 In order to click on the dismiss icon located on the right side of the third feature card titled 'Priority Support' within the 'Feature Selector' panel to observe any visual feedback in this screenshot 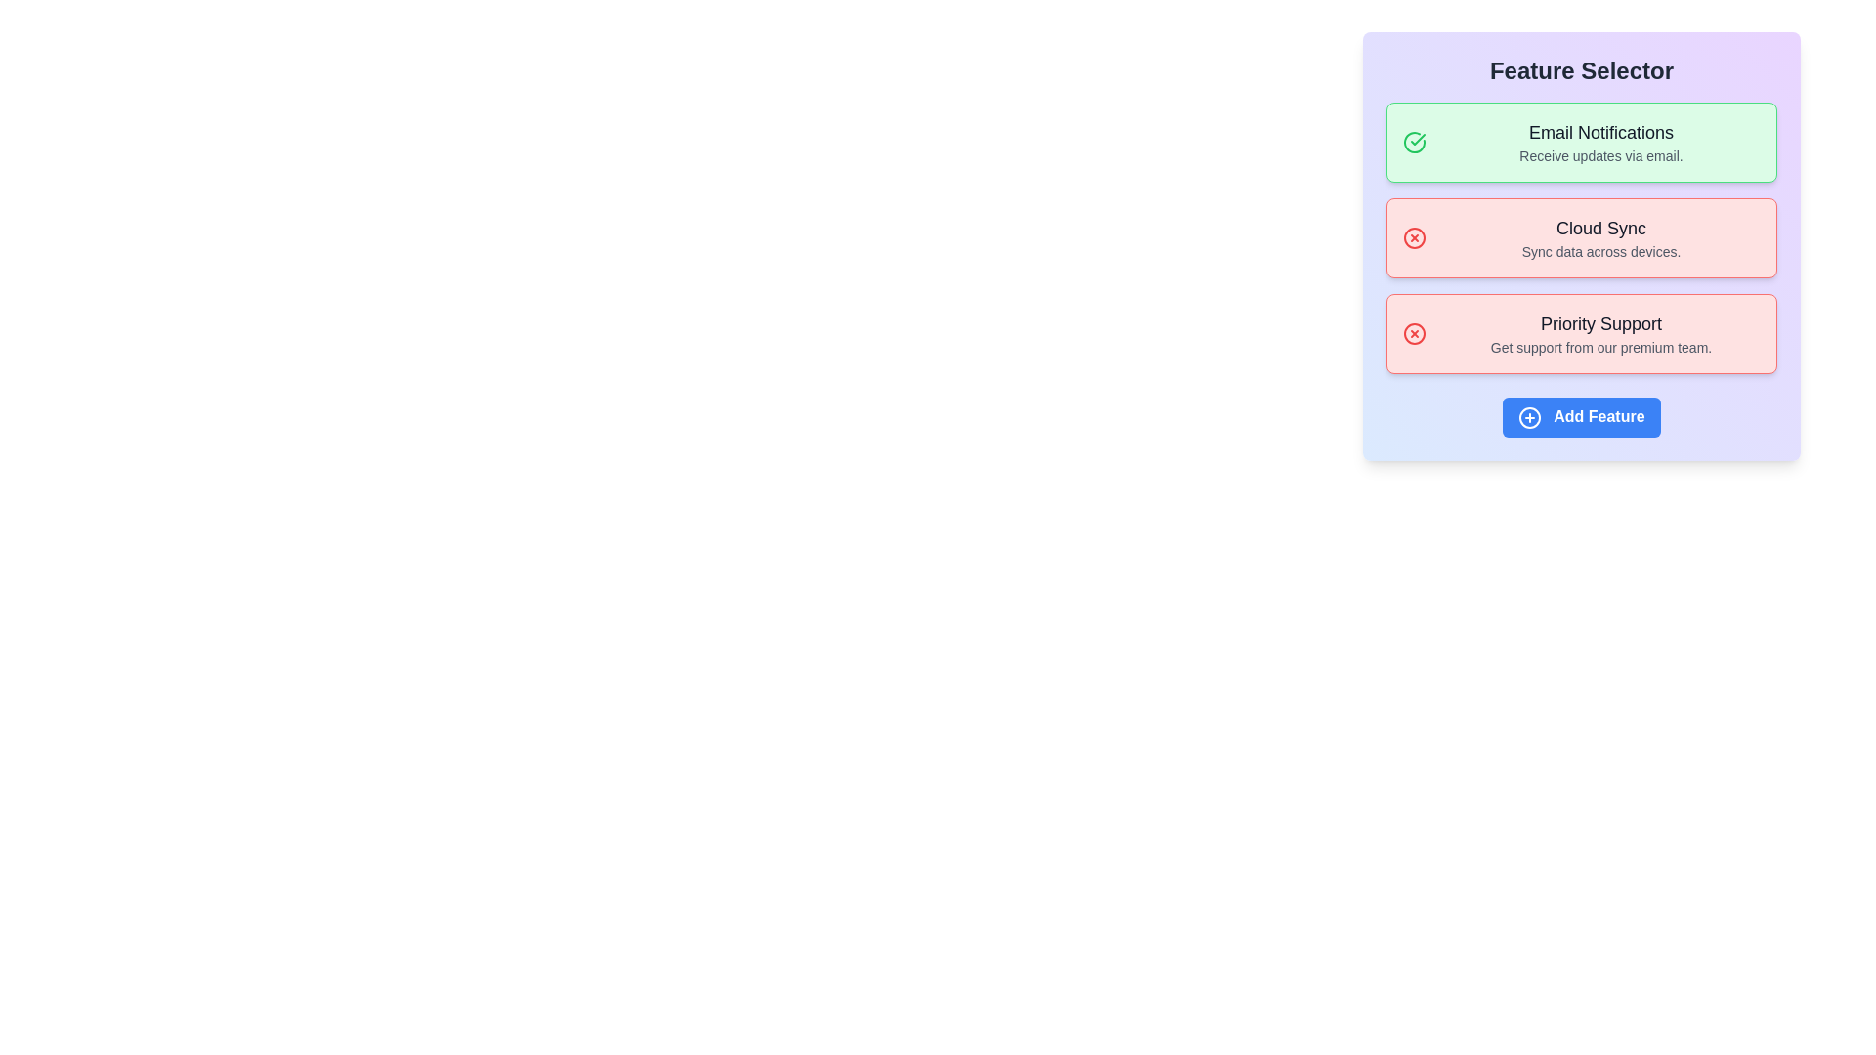, I will do `click(1415, 333)`.